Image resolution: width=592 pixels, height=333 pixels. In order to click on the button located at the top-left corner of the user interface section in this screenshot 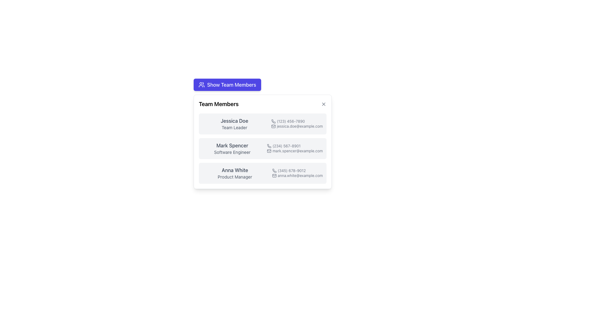, I will do `click(262, 84)`.